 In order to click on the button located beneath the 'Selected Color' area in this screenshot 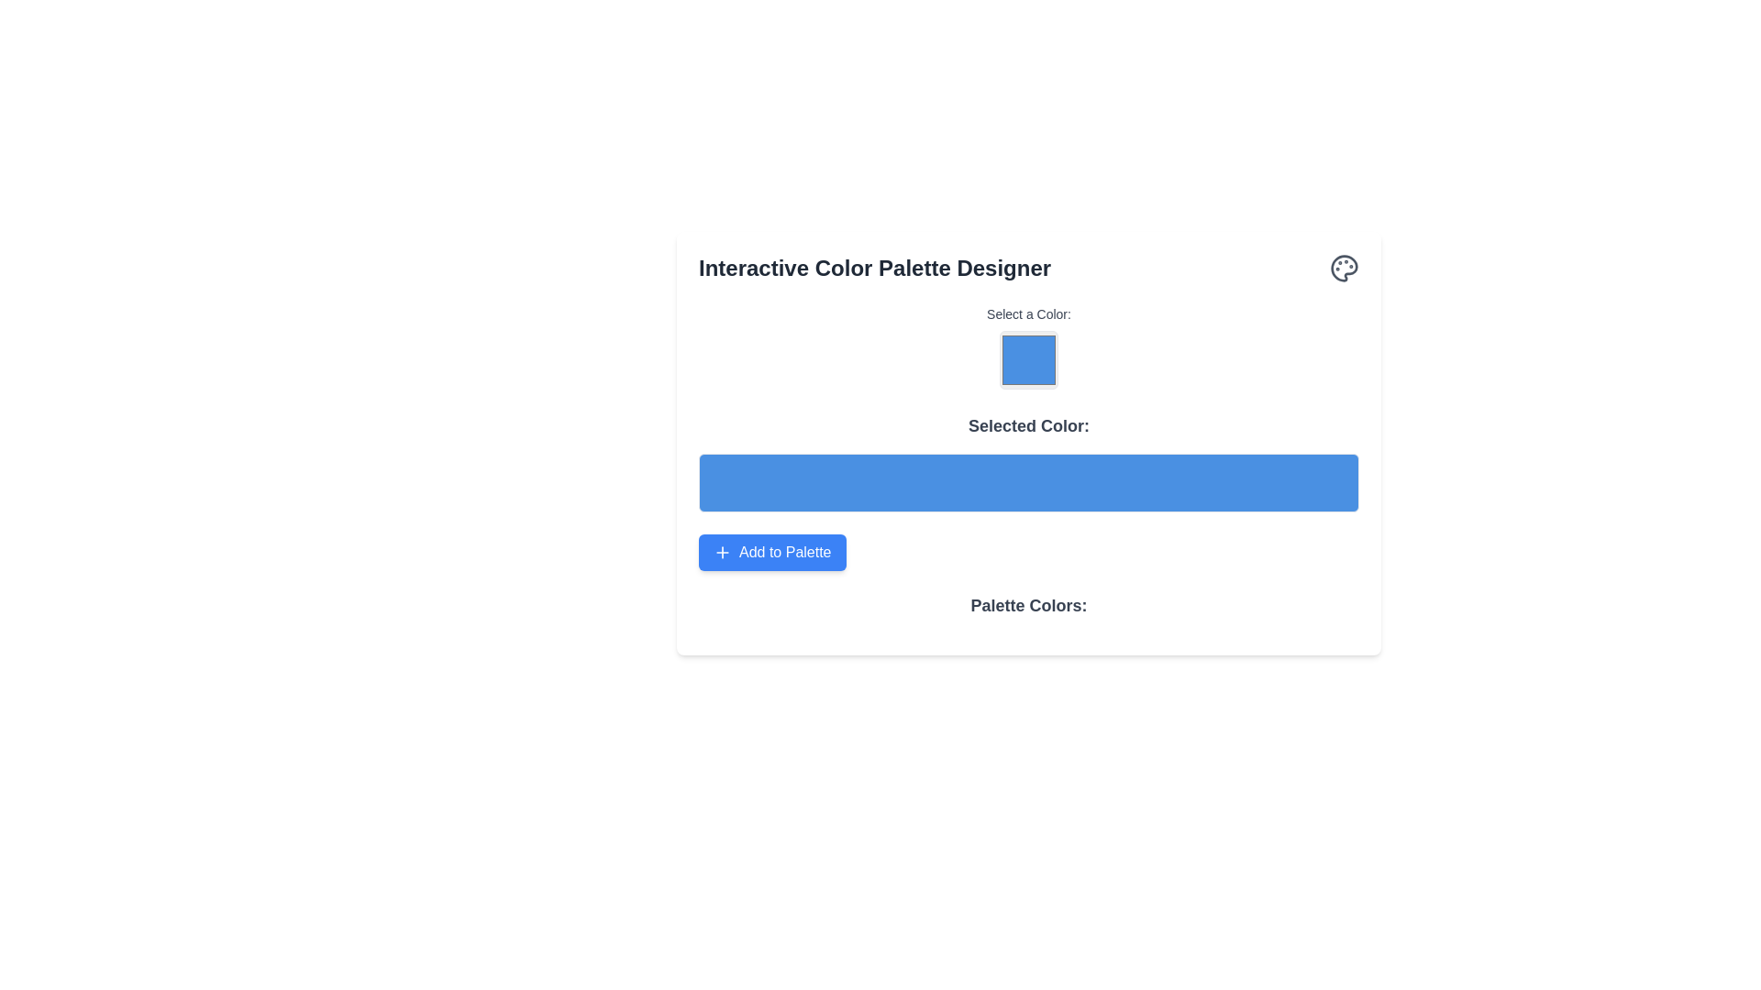, I will do `click(771, 551)`.